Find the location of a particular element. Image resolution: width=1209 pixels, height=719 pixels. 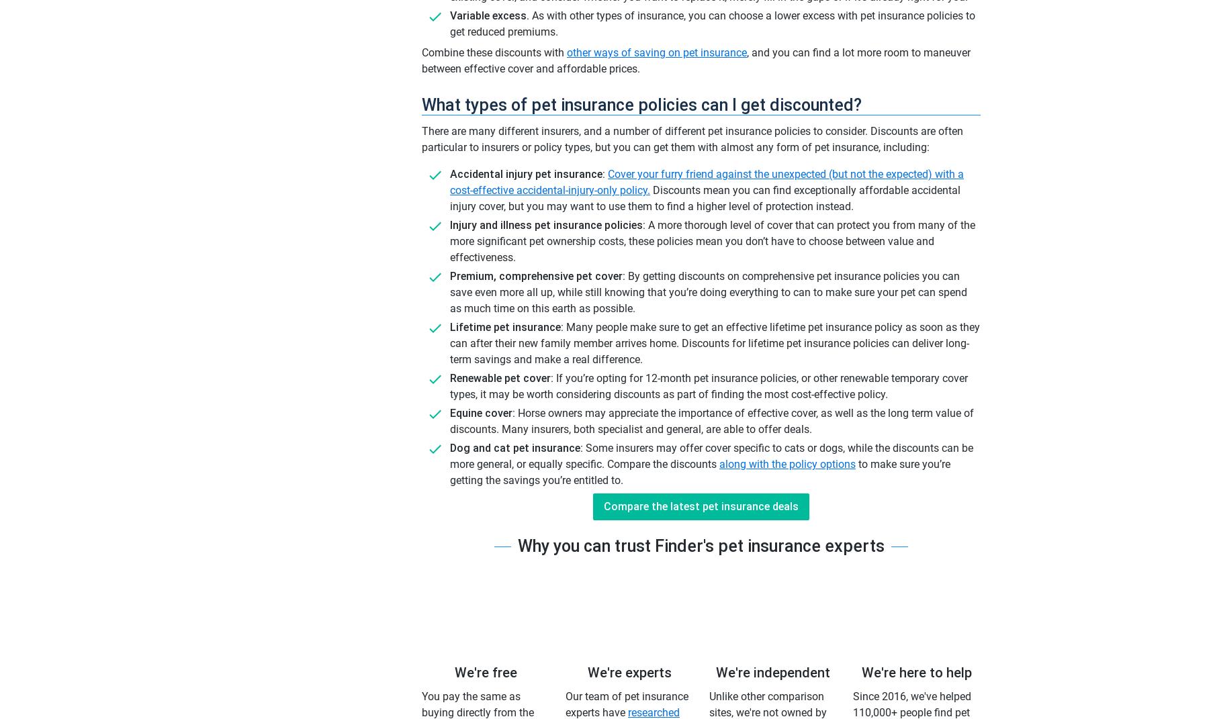

'Lifetime pet insurance:' is located at coordinates (506, 326).